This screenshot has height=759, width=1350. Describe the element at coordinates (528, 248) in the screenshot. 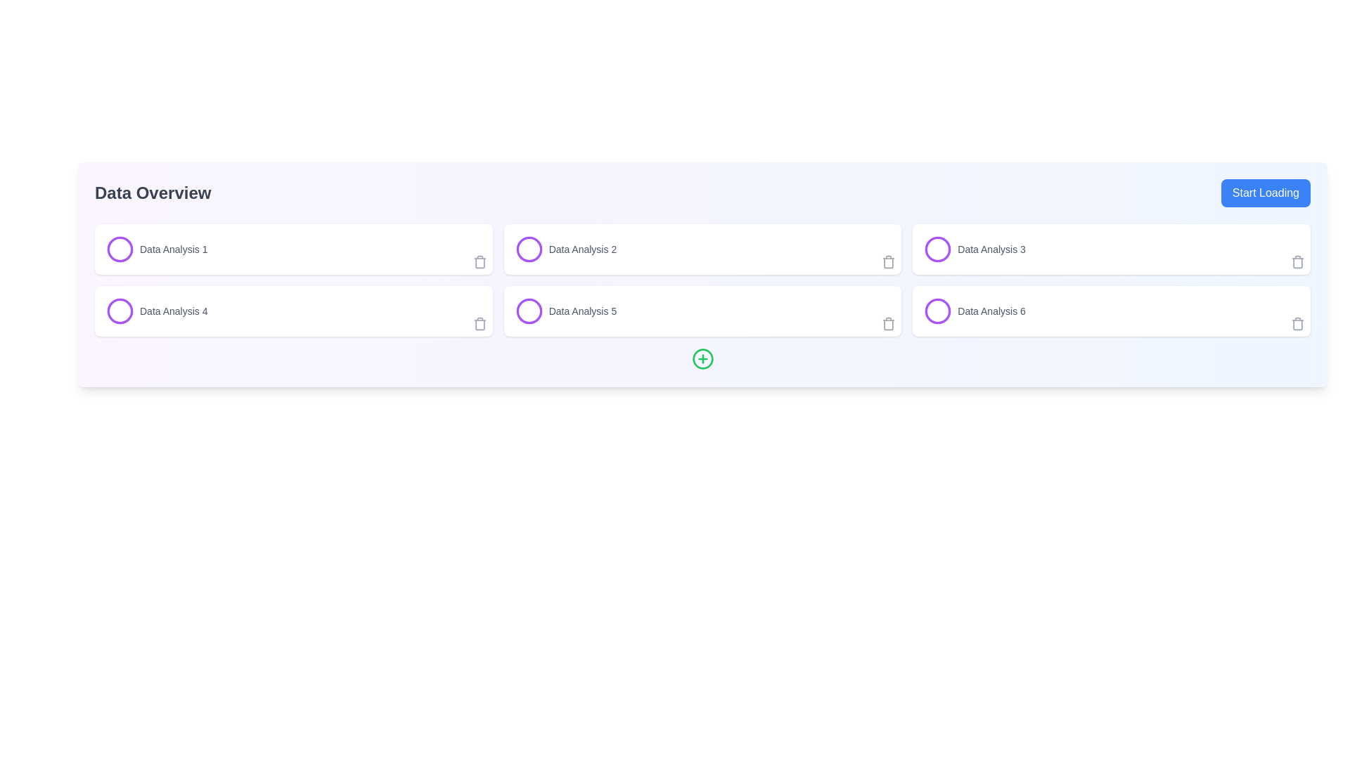

I see `the circular icon with a purple outline located in the top-right row of the grid layout under 'Data Analysis 2'` at that location.